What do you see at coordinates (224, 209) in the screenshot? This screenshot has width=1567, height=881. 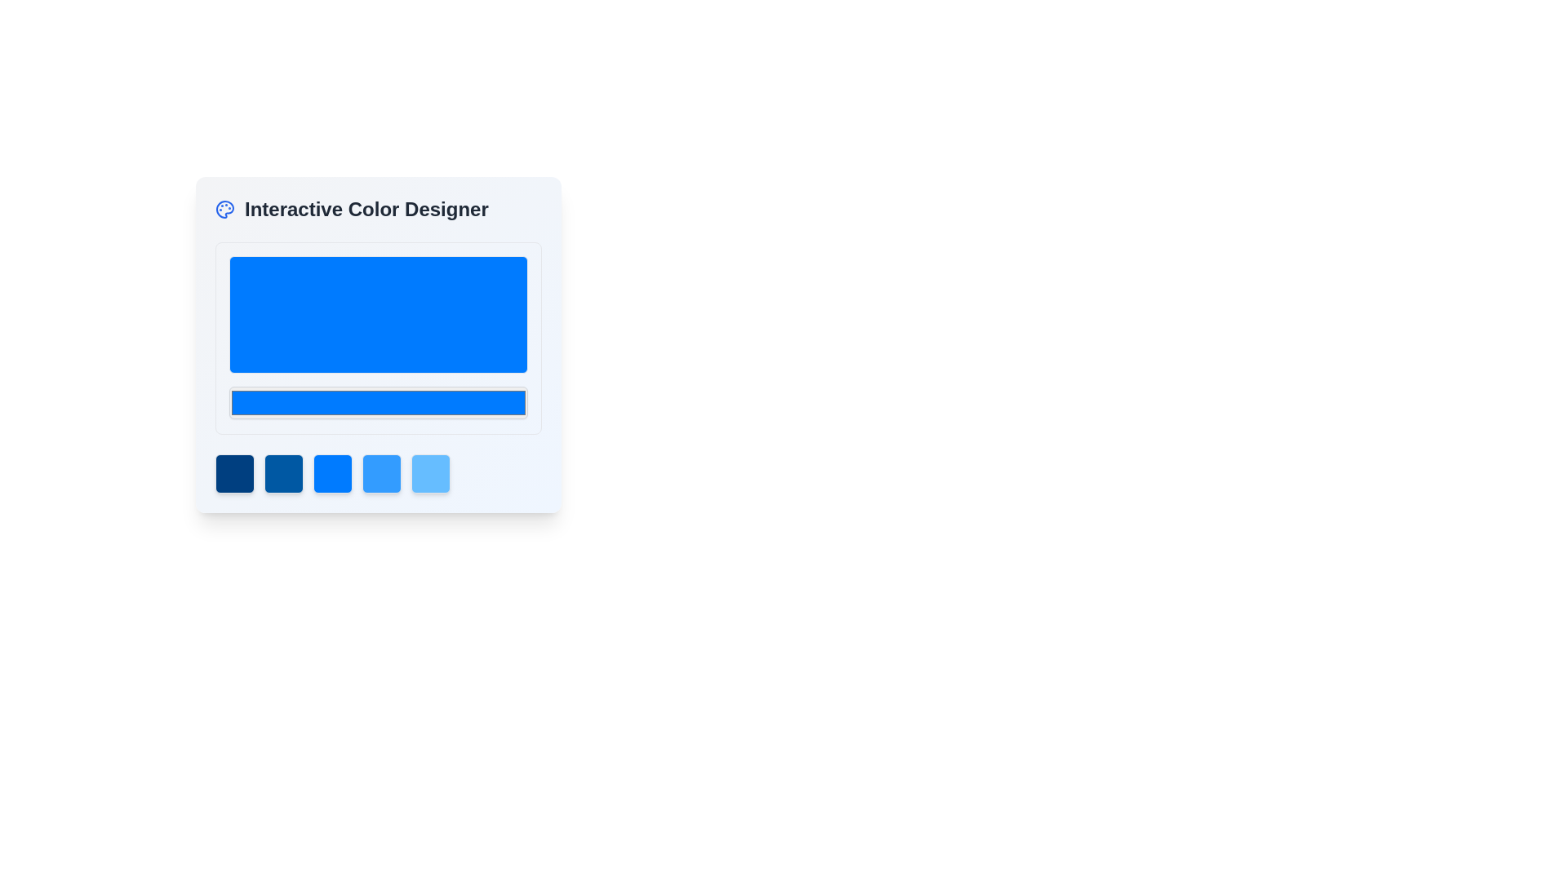 I see `the decorative icon representing the 'Interactive Color Designer' label, which is positioned to the left of the text heading` at bounding box center [224, 209].